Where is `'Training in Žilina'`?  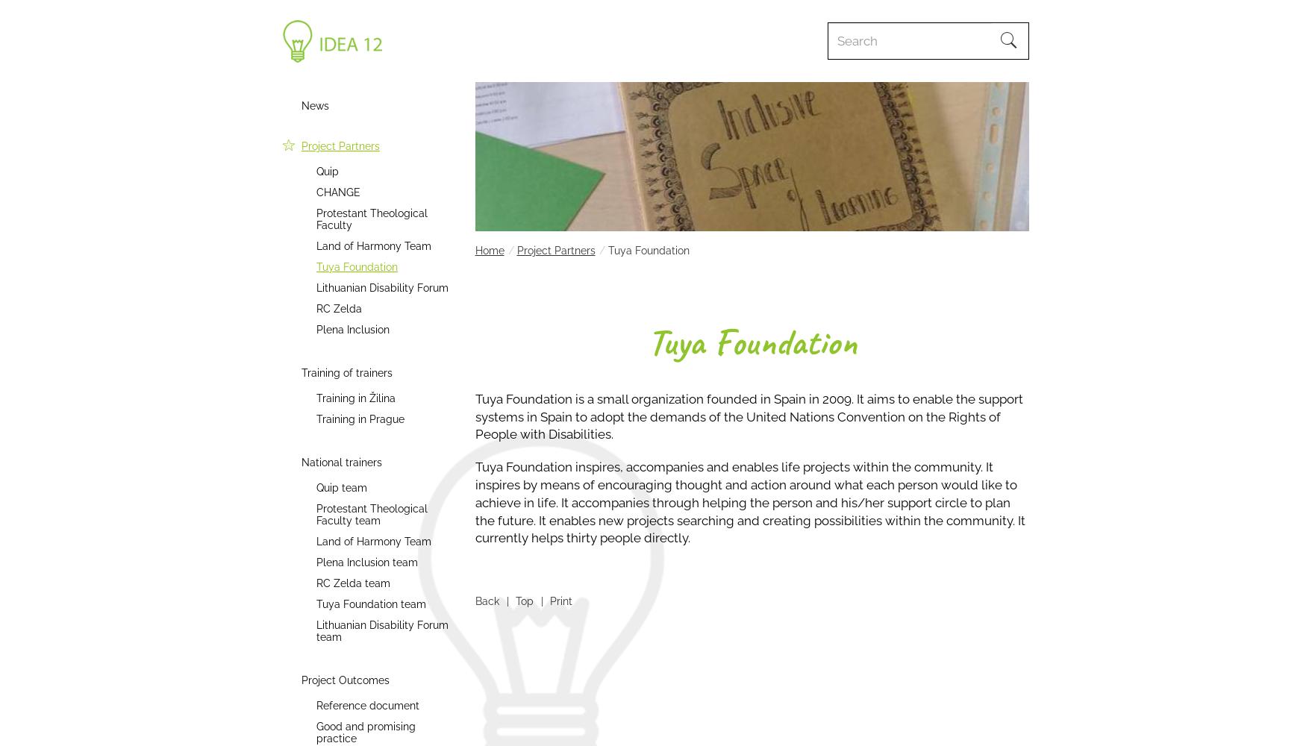
'Training in Žilina' is located at coordinates (354, 398).